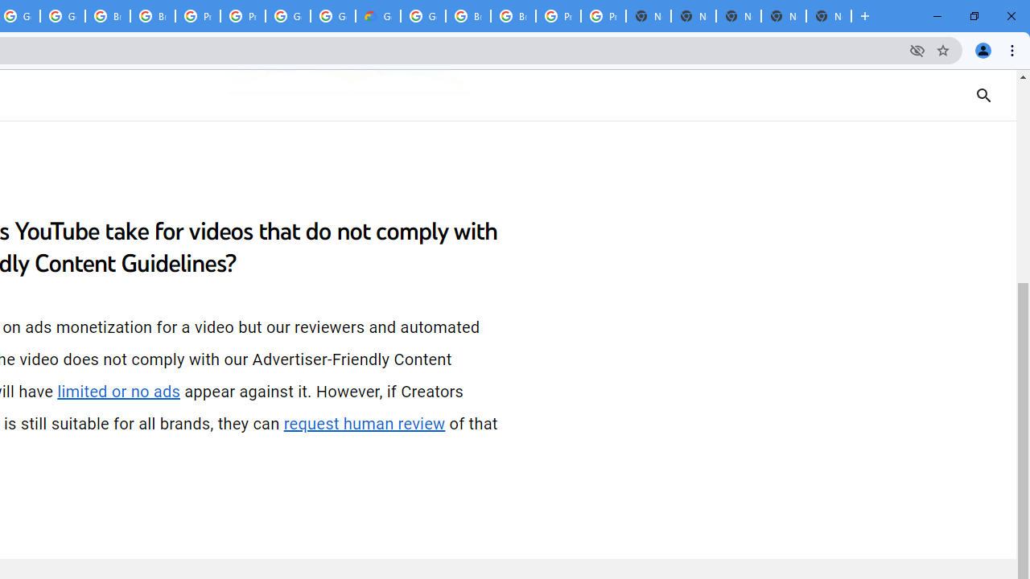 Image resolution: width=1030 pixels, height=579 pixels. What do you see at coordinates (983, 95) in the screenshot?
I see `'Search'` at bounding box center [983, 95].